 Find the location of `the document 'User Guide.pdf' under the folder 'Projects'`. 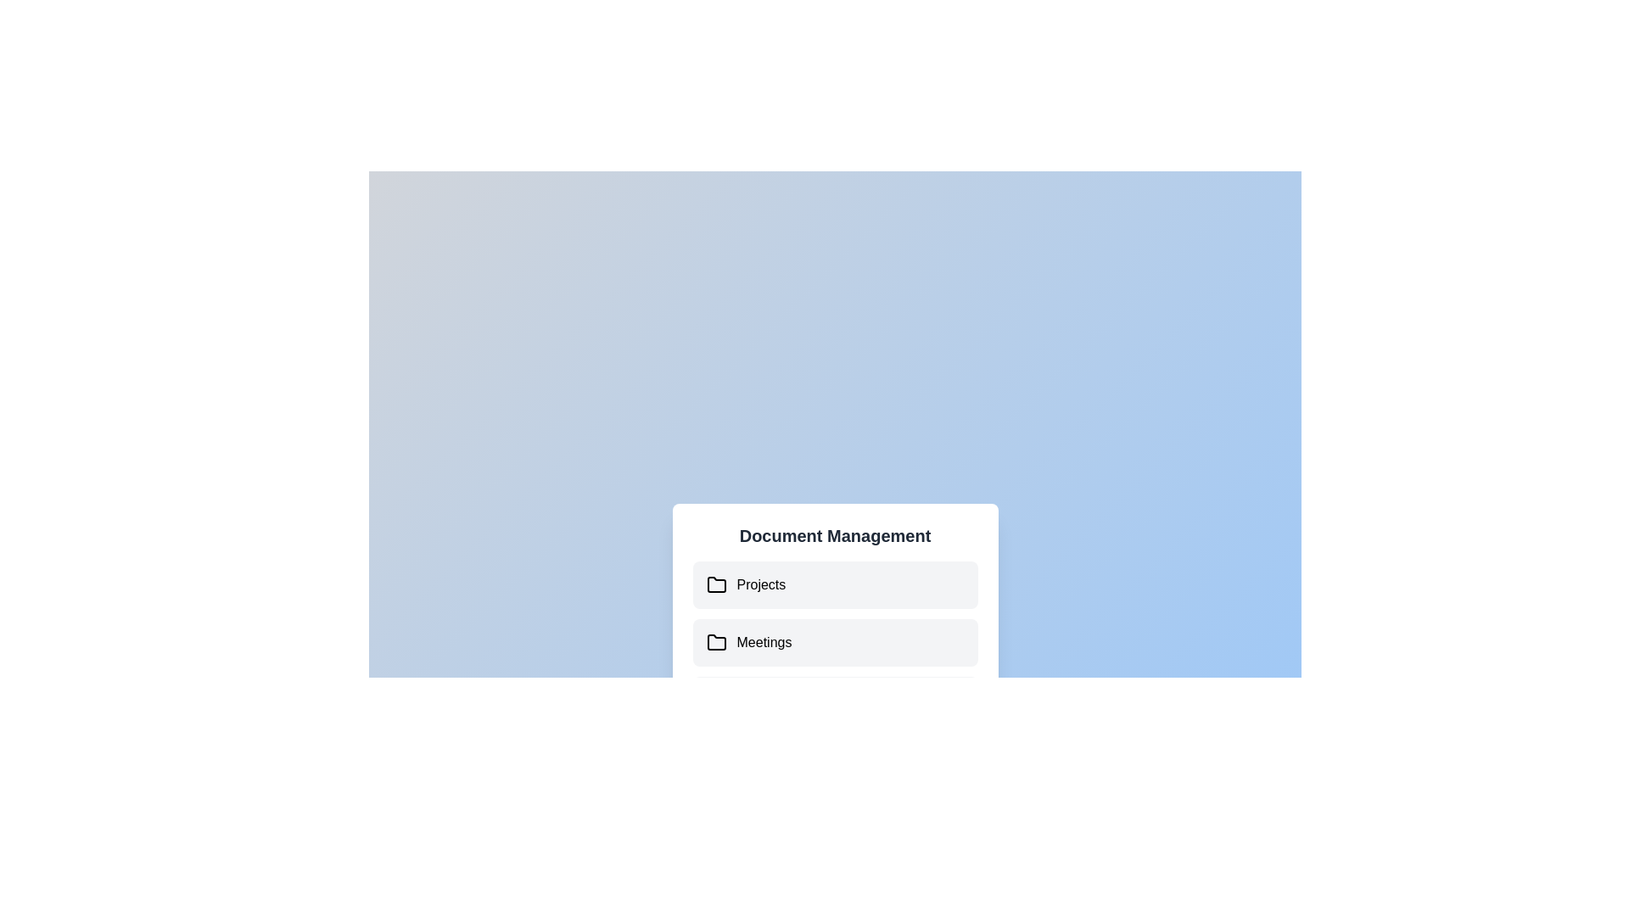

the document 'User Guide.pdf' under the folder 'Projects' is located at coordinates (835, 584).